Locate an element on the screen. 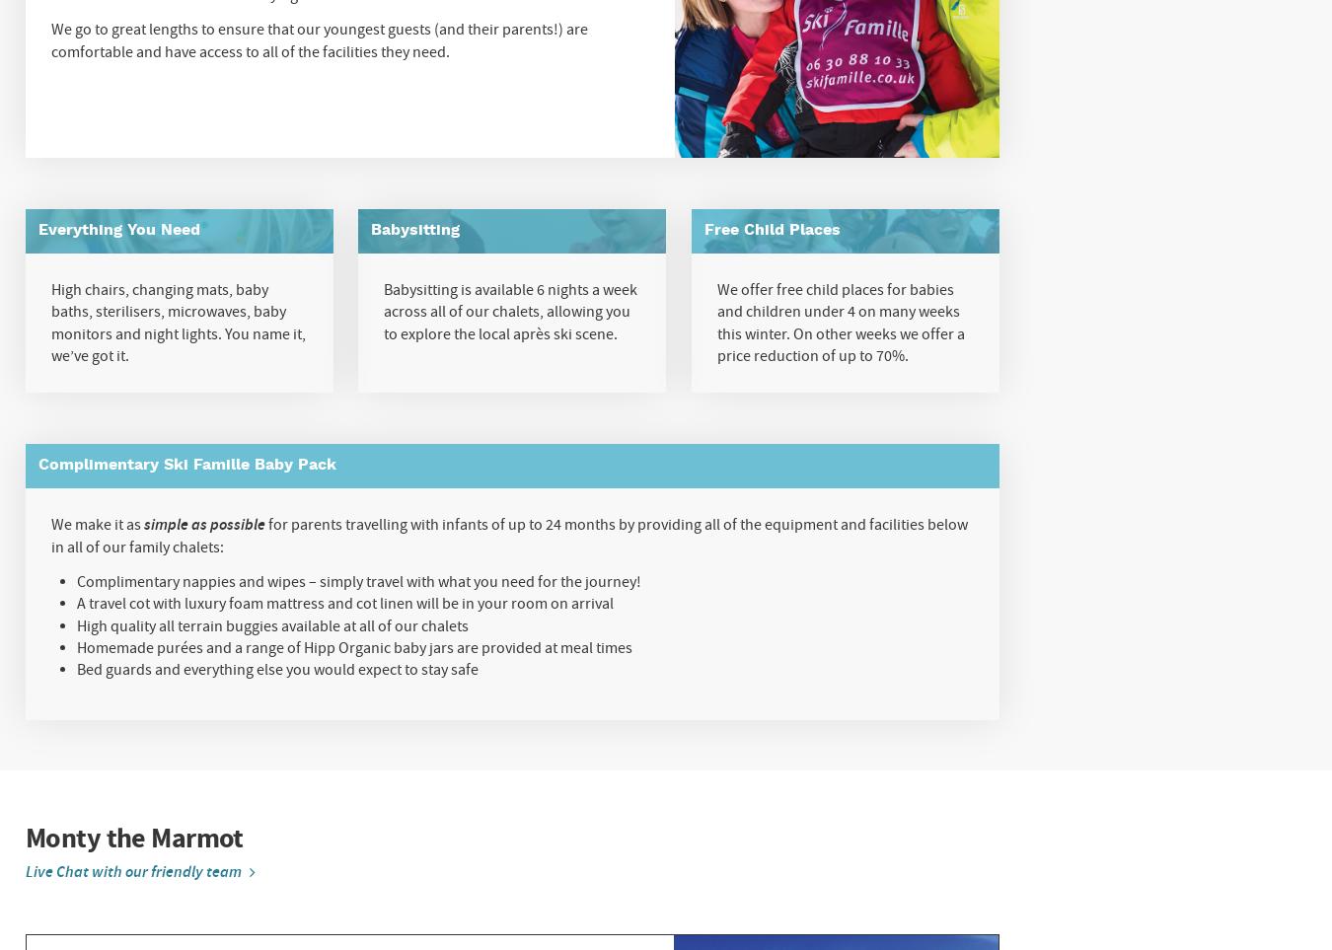  'We make it as' is located at coordinates (96, 523).